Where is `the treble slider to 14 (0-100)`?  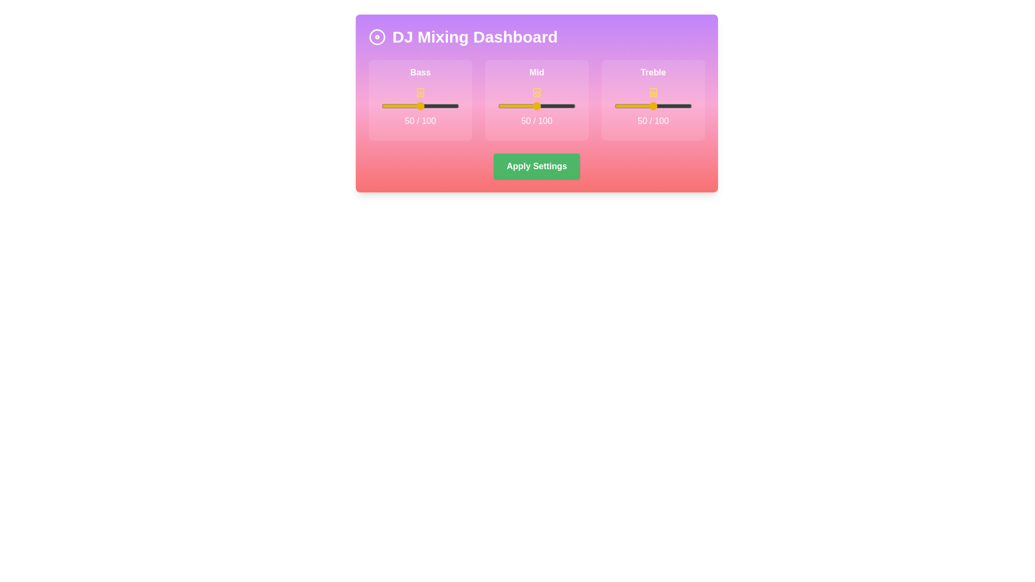
the treble slider to 14 (0-100) is located at coordinates (625, 106).